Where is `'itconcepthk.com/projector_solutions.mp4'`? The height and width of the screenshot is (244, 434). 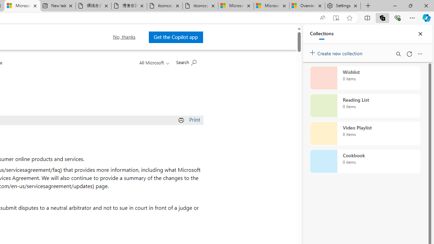
'itconcepthk.com/projector_solutions.mp4' is located at coordinates (200, 6).